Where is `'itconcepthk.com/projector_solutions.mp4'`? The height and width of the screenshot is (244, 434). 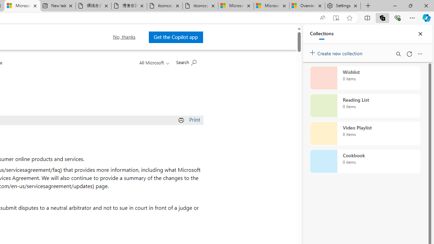
'itconcepthk.com/projector_solutions.mp4' is located at coordinates (200, 6).